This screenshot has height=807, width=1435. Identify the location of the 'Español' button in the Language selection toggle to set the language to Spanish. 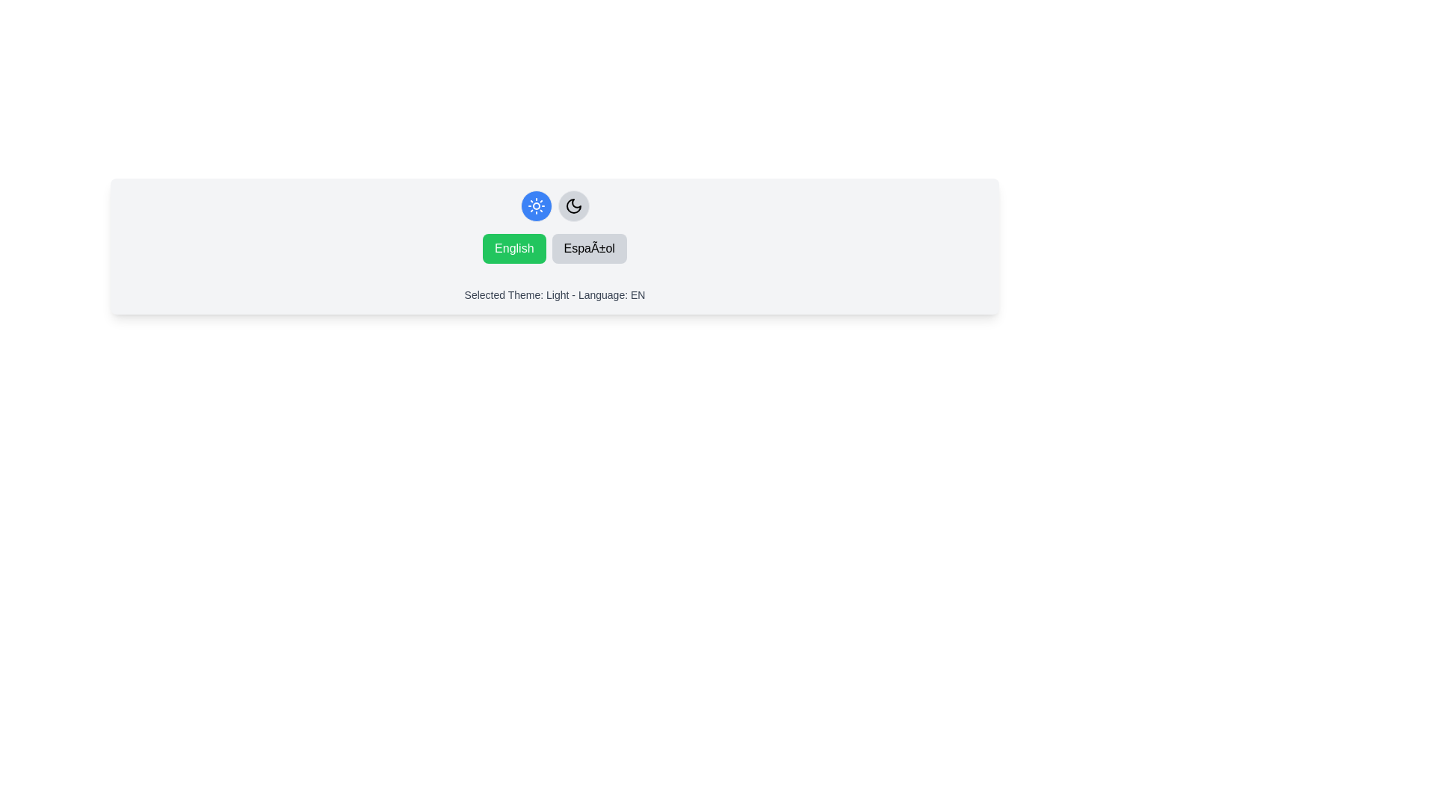
(554, 247).